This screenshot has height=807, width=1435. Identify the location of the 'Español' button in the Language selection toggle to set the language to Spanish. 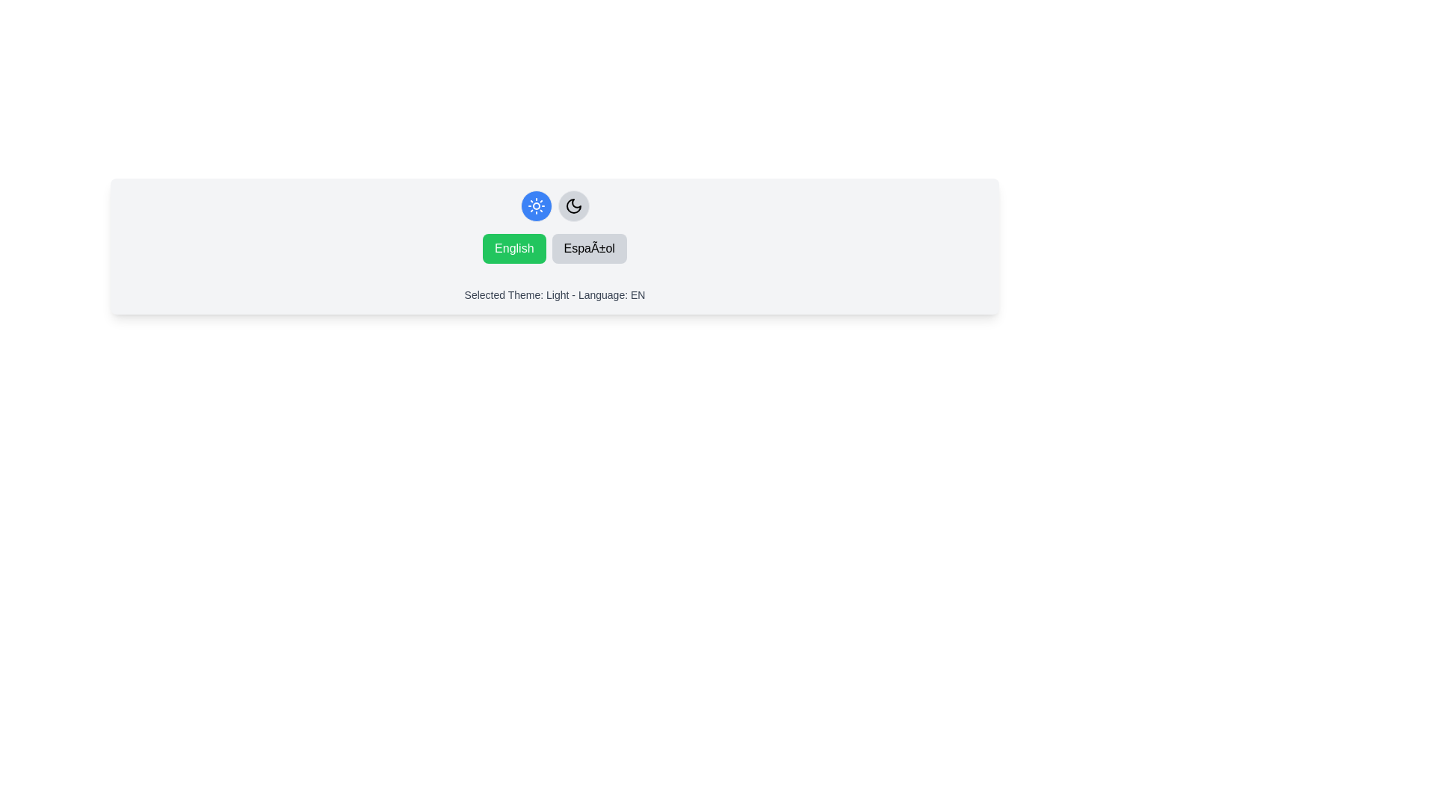
(554, 247).